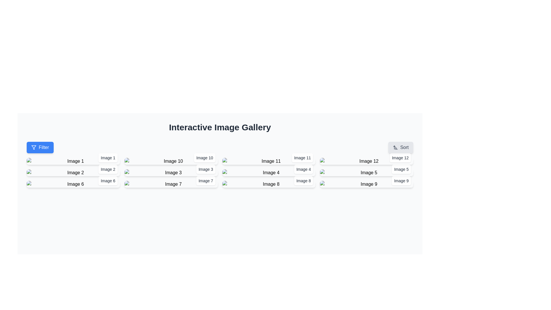 The height and width of the screenshot is (310, 551). Describe the element at coordinates (404, 147) in the screenshot. I see `the 'Sort' button, which is styled with rounded corners and has a light gray background, located near the top-right of the navigation bar alongside a sorting icon` at that location.